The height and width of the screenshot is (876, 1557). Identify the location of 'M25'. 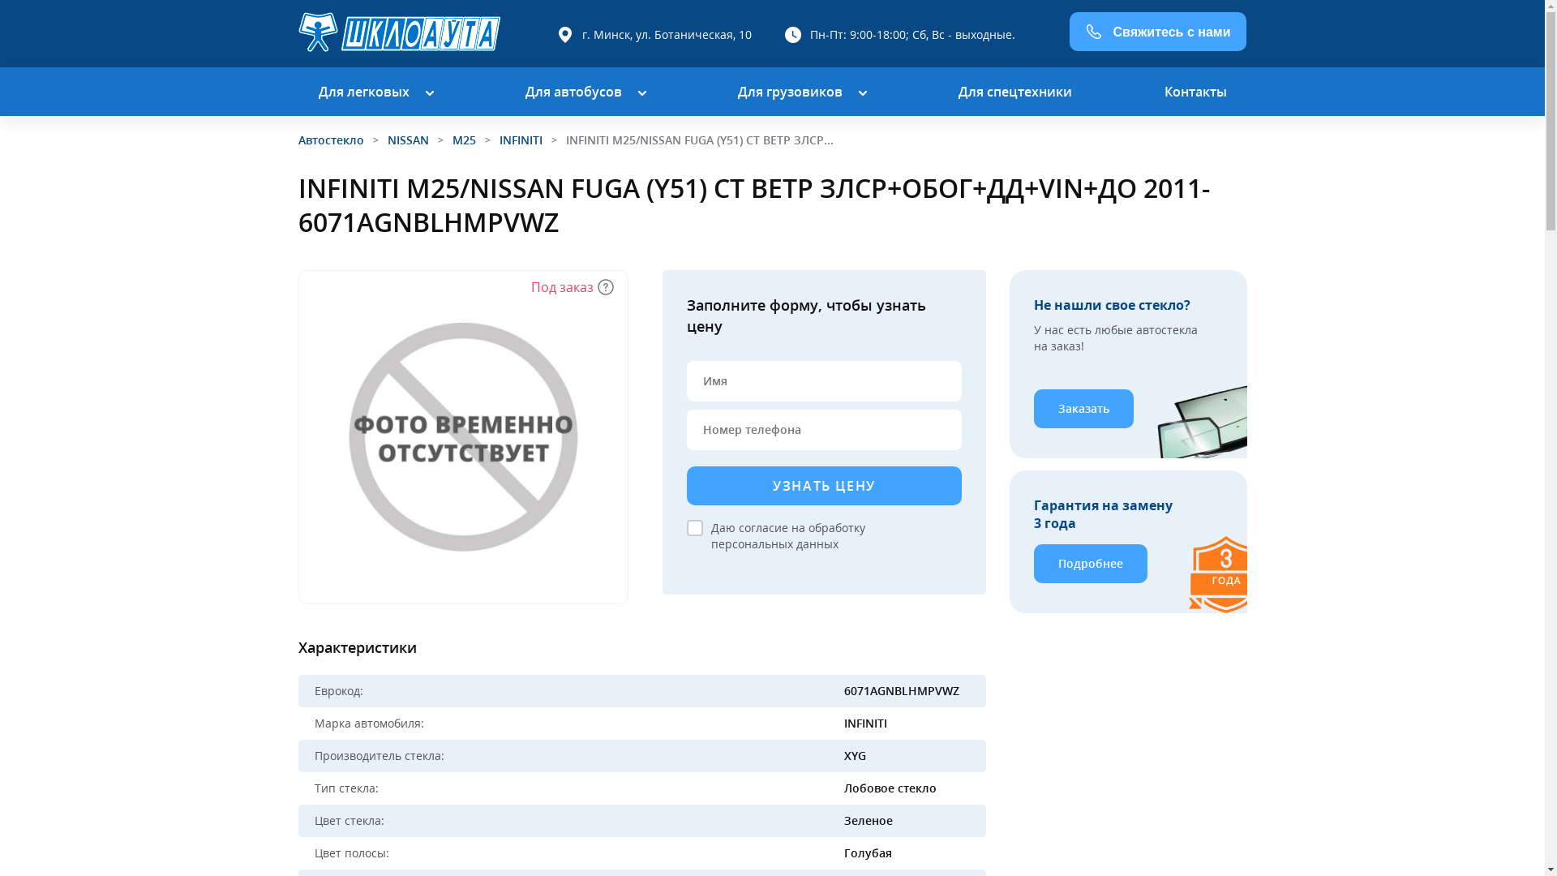
(452, 139).